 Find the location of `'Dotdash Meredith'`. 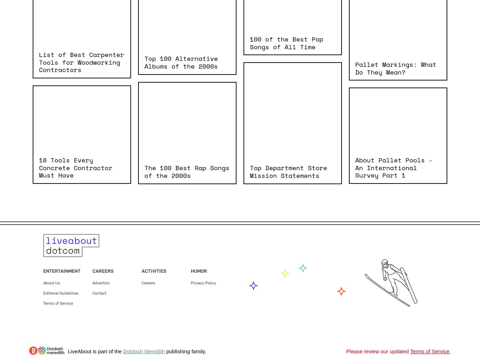

'Dotdash Meredith' is located at coordinates (143, 351).